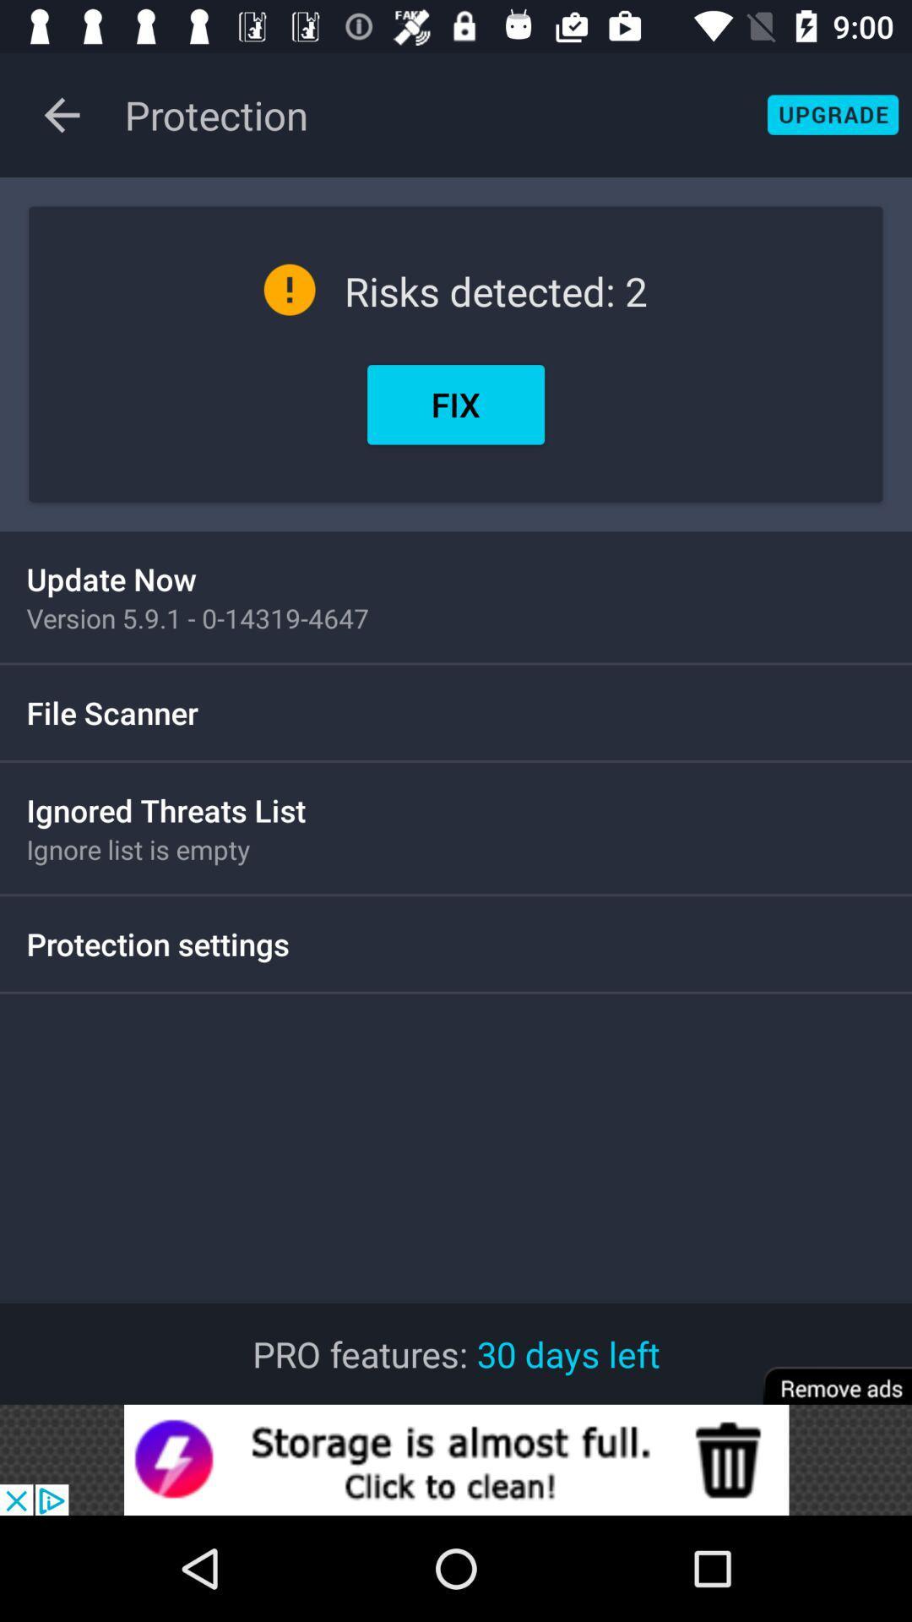 This screenshot has height=1622, width=912. I want to click on remove advertisements, so click(825, 1374).